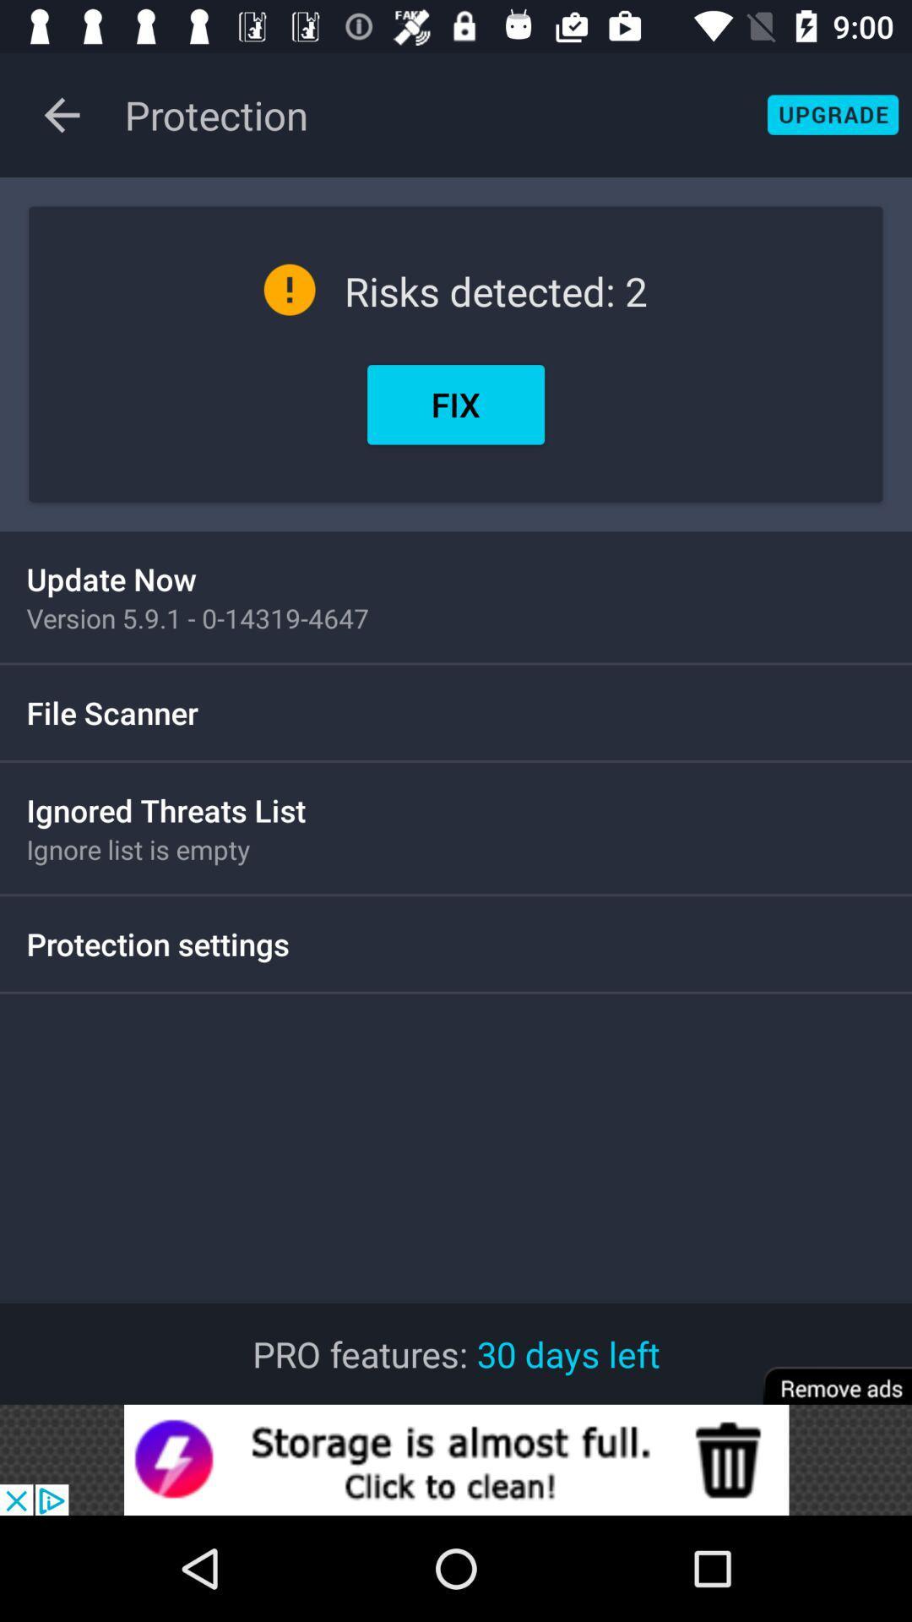 This screenshot has height=1622, width=912. I want to click on remove advertisements, so click(825, 1374).